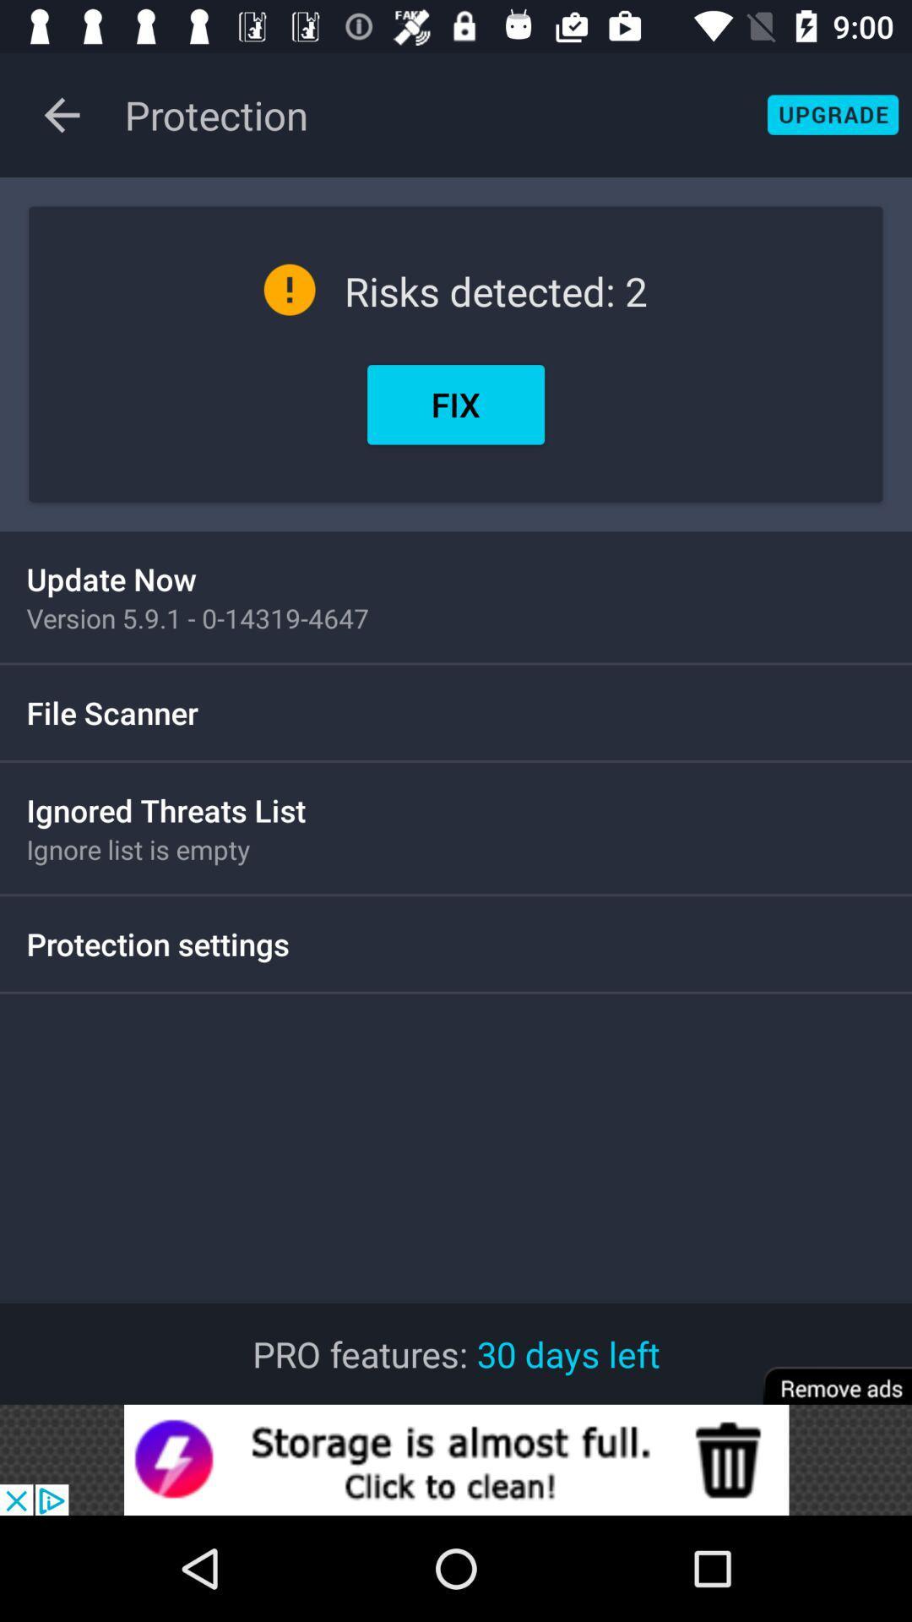 This screenshot has height=1622, width=912. I want to click on remove advertisements, so click(825, 1374).